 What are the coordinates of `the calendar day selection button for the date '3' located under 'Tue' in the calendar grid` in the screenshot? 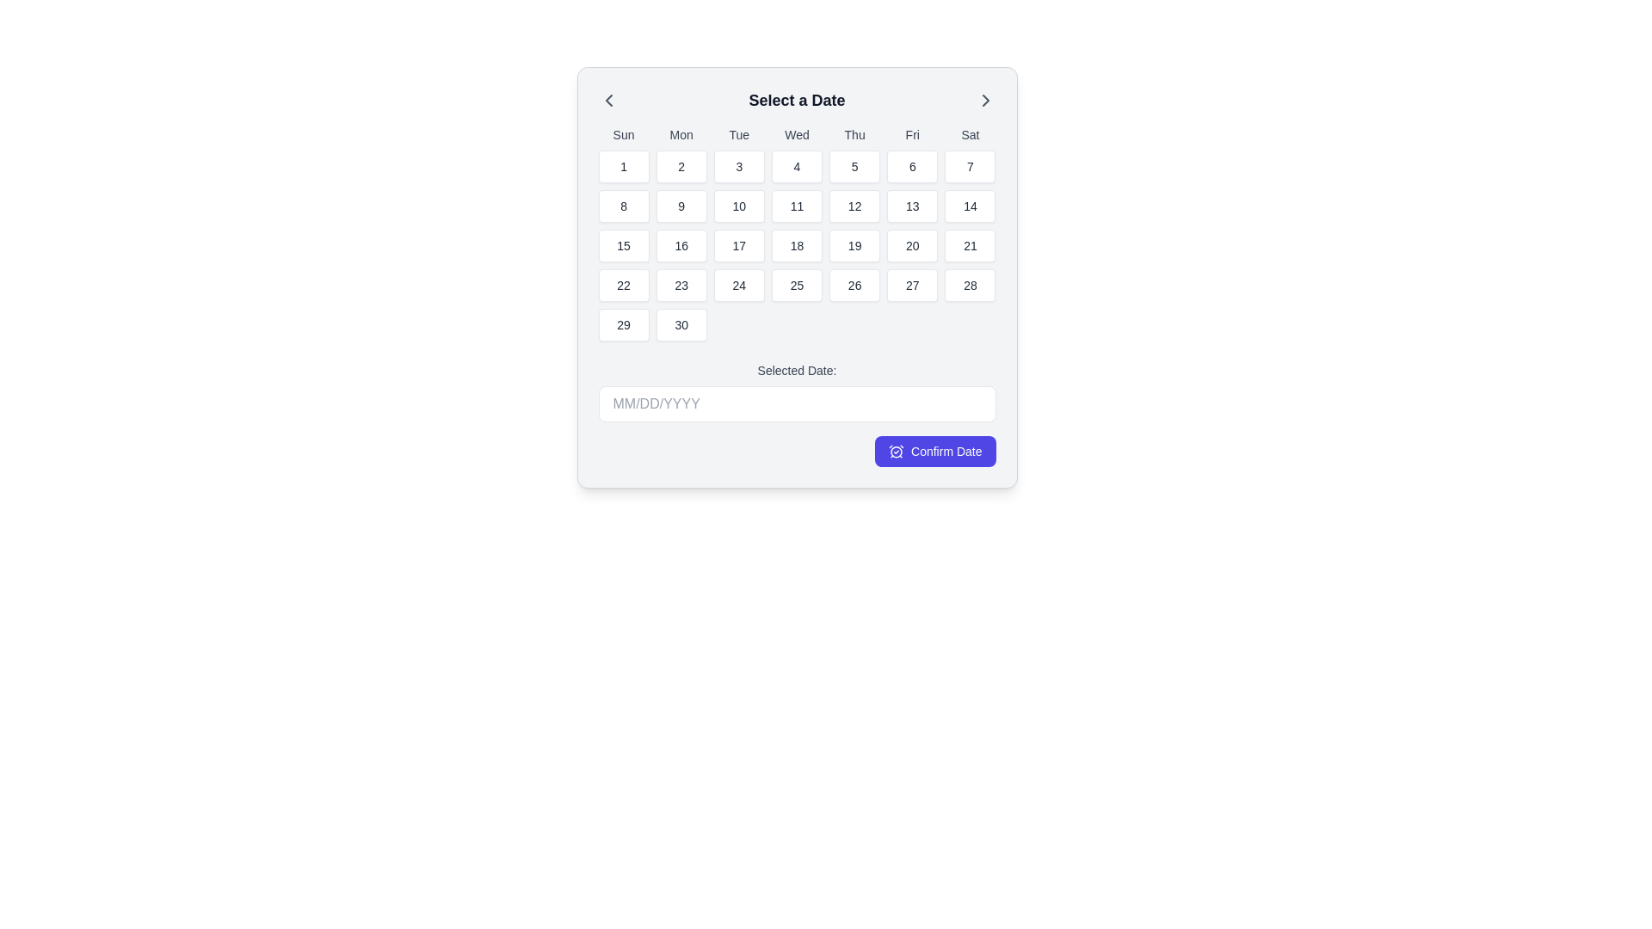 It's located at (739, 166).